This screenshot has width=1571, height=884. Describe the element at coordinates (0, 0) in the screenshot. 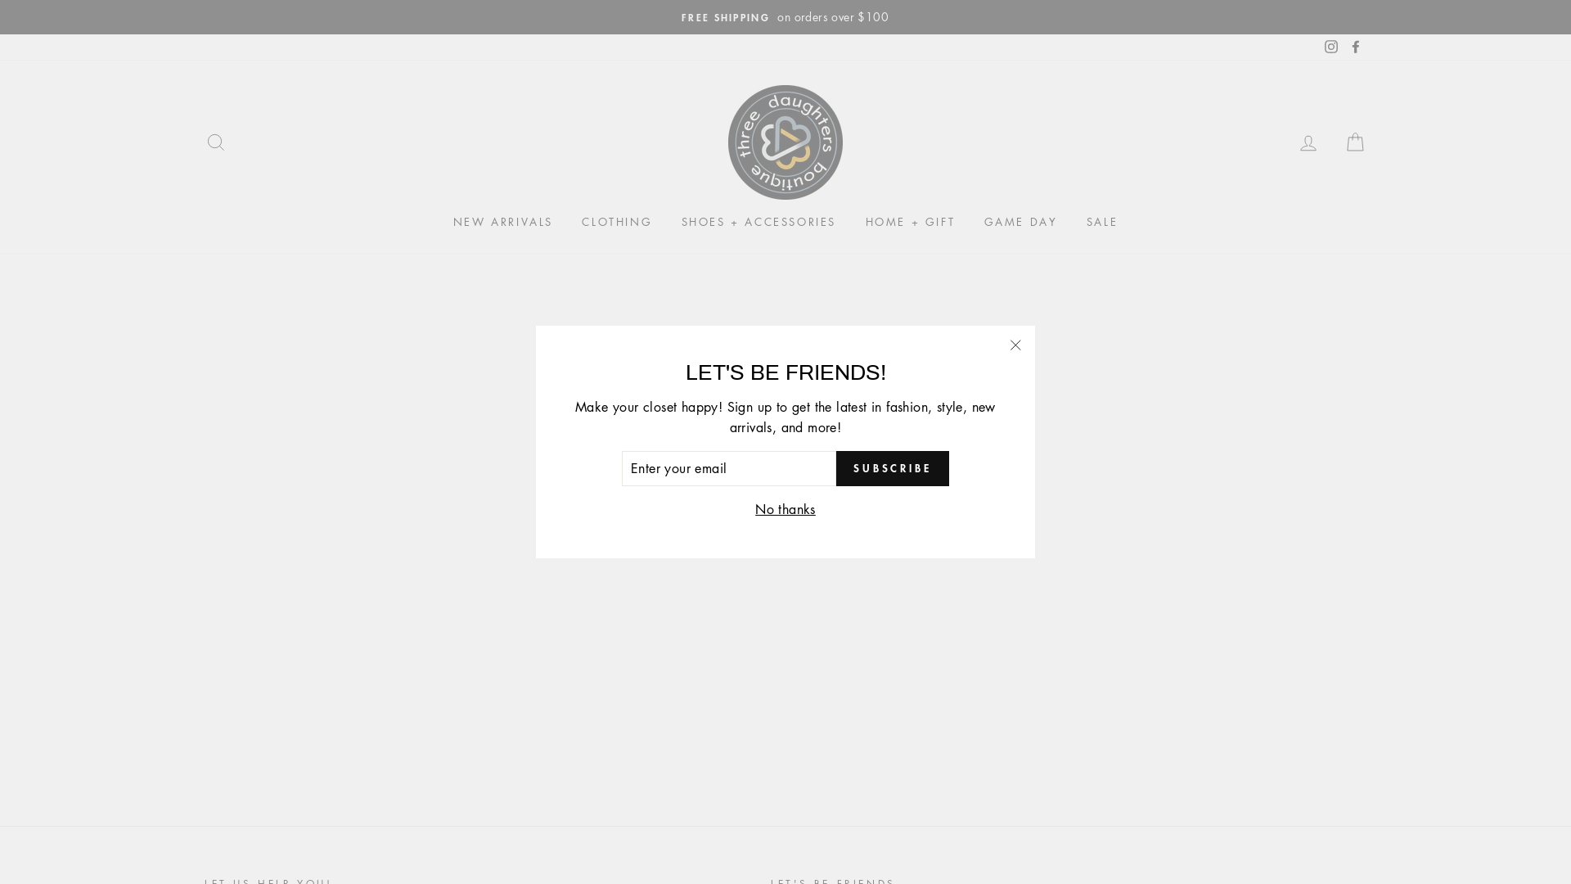

I see `'Skip to content'` at that location.